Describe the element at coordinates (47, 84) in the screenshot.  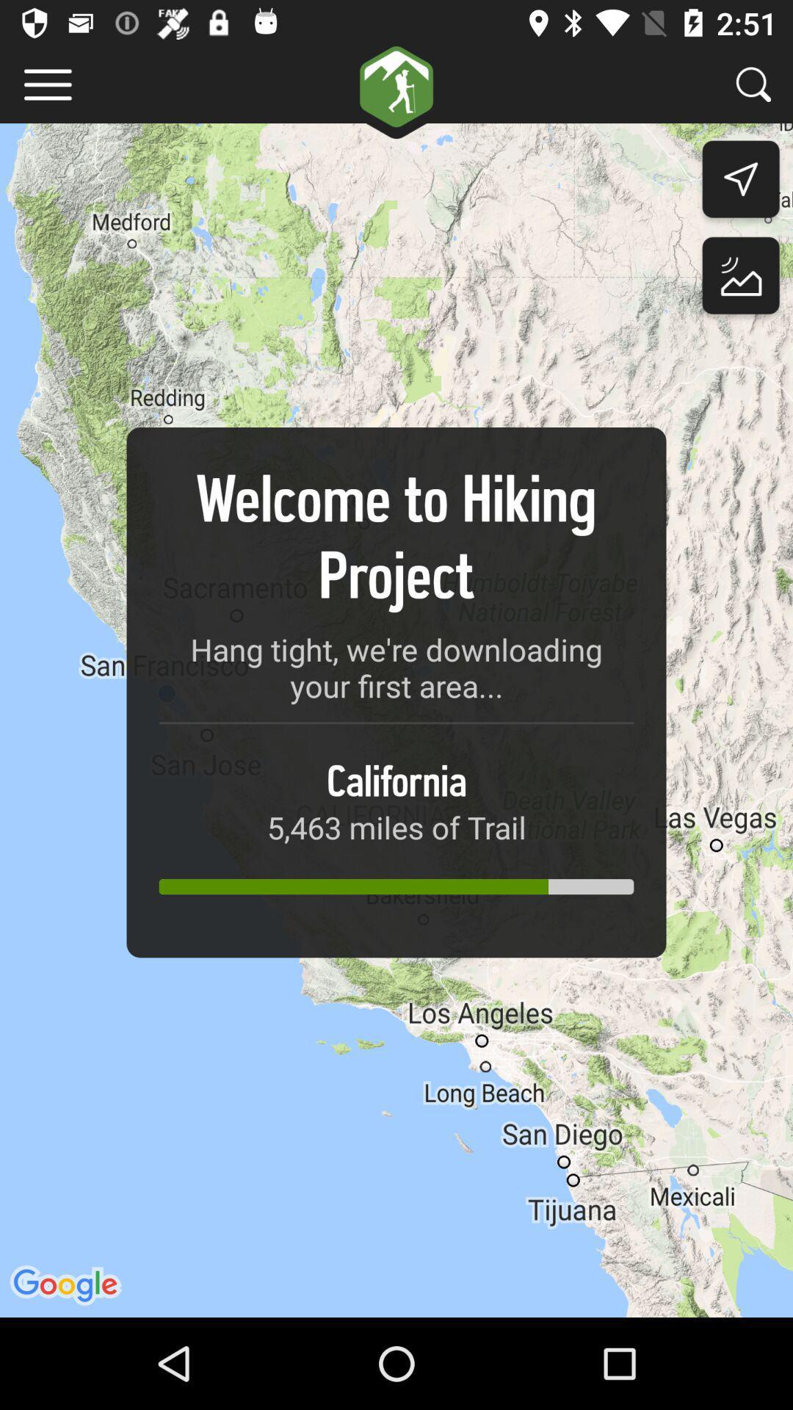
I see `open main menu` at that location.